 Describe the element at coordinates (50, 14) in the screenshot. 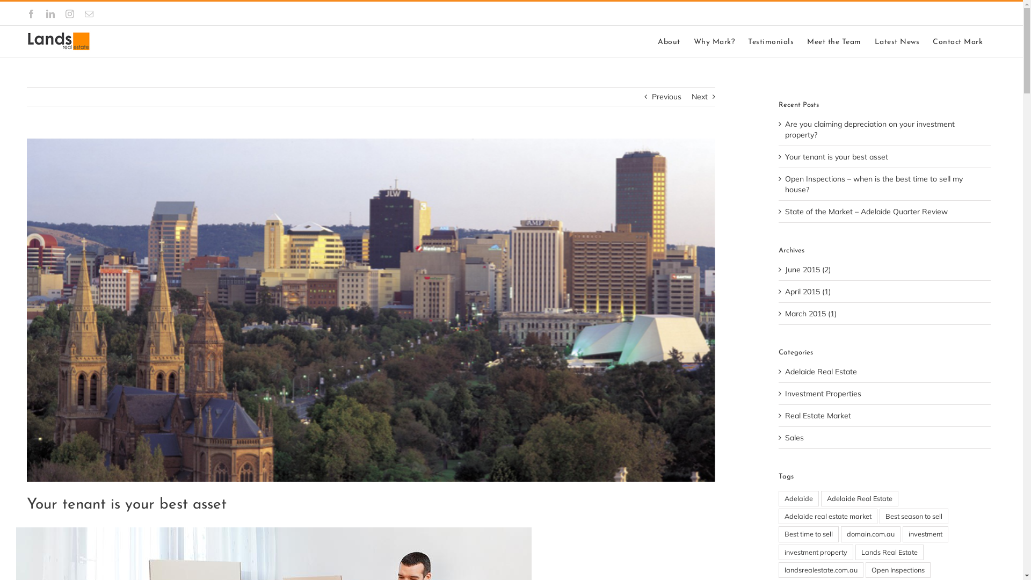

I see `'LinkedIn'` at that location.